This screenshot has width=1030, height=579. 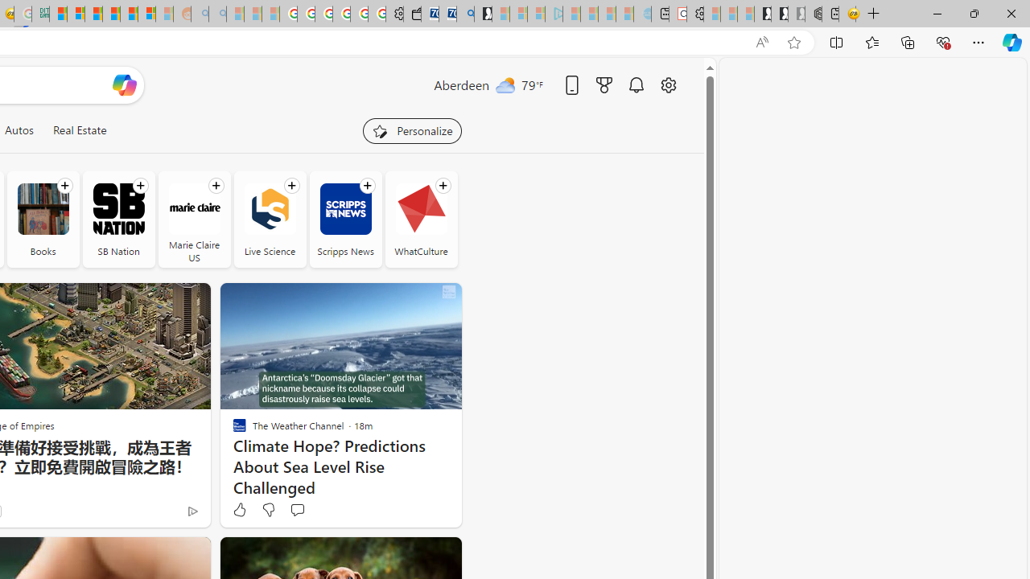 What do you see at coordinates (117, 208) in the screenshot?
I see `'SB Nation'` at bounding box center [117, 208].